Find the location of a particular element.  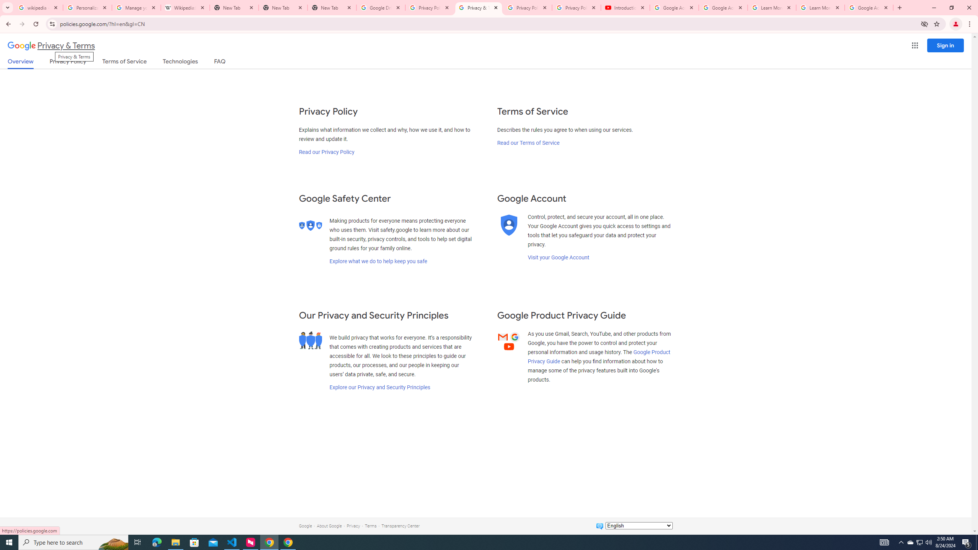

'Explore what we do to help keep you safe' is located at coordinates (378, 261).